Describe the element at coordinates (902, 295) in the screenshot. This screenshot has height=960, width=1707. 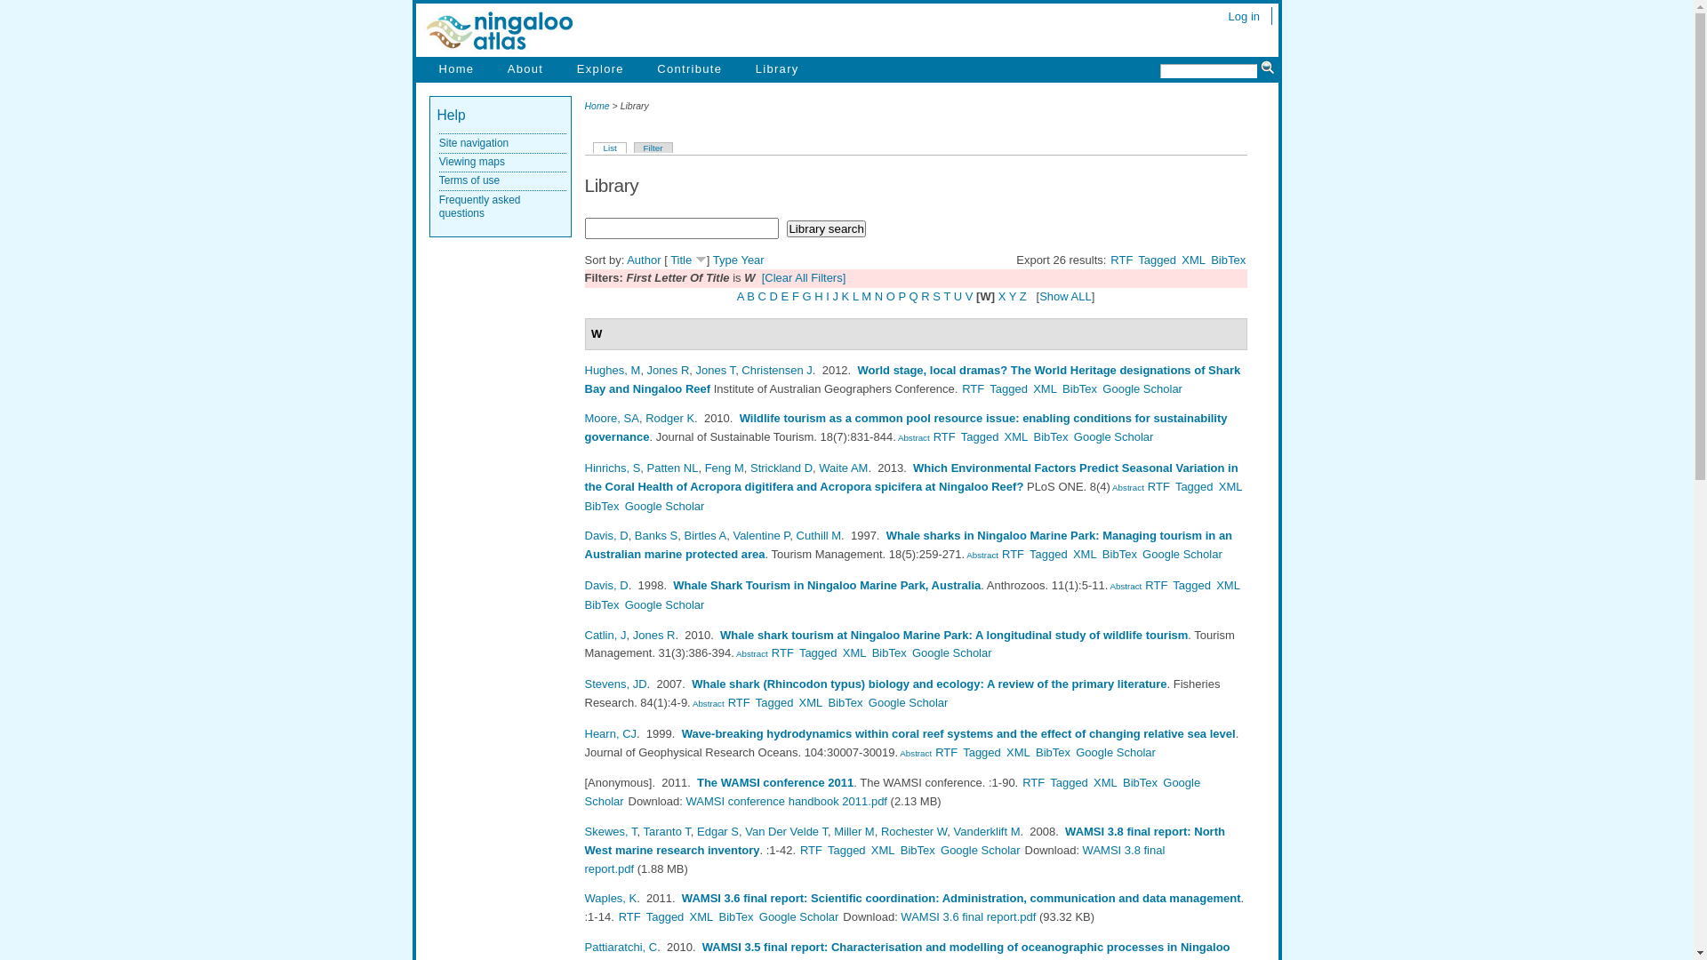
I see `'P'` at that location.